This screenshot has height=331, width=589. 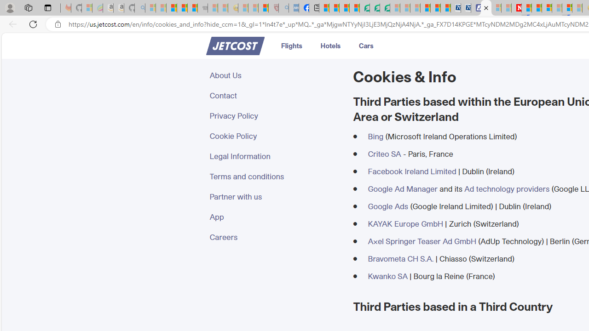 What do you see at coordinates (275, 75) in the screenshot?
I see `'About Us'` at bounding box center [275, 75].